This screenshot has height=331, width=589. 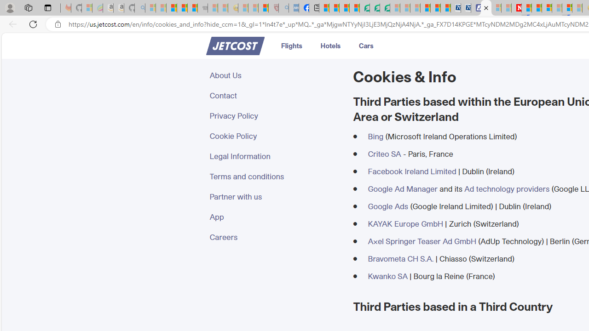 What do you see at coordinates (275, 75) in the screenshot?
I see `'About Us'` at bounding box center [275, 75].